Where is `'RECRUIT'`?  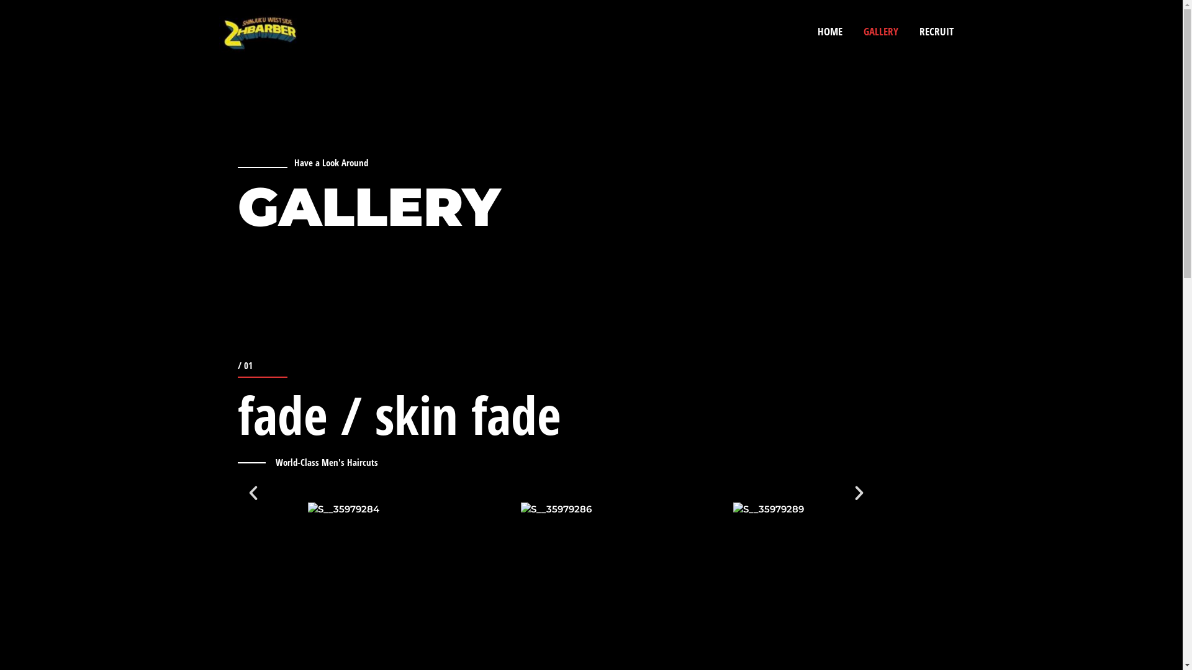 'RECRUIT' is located at coordinates (936, 30).